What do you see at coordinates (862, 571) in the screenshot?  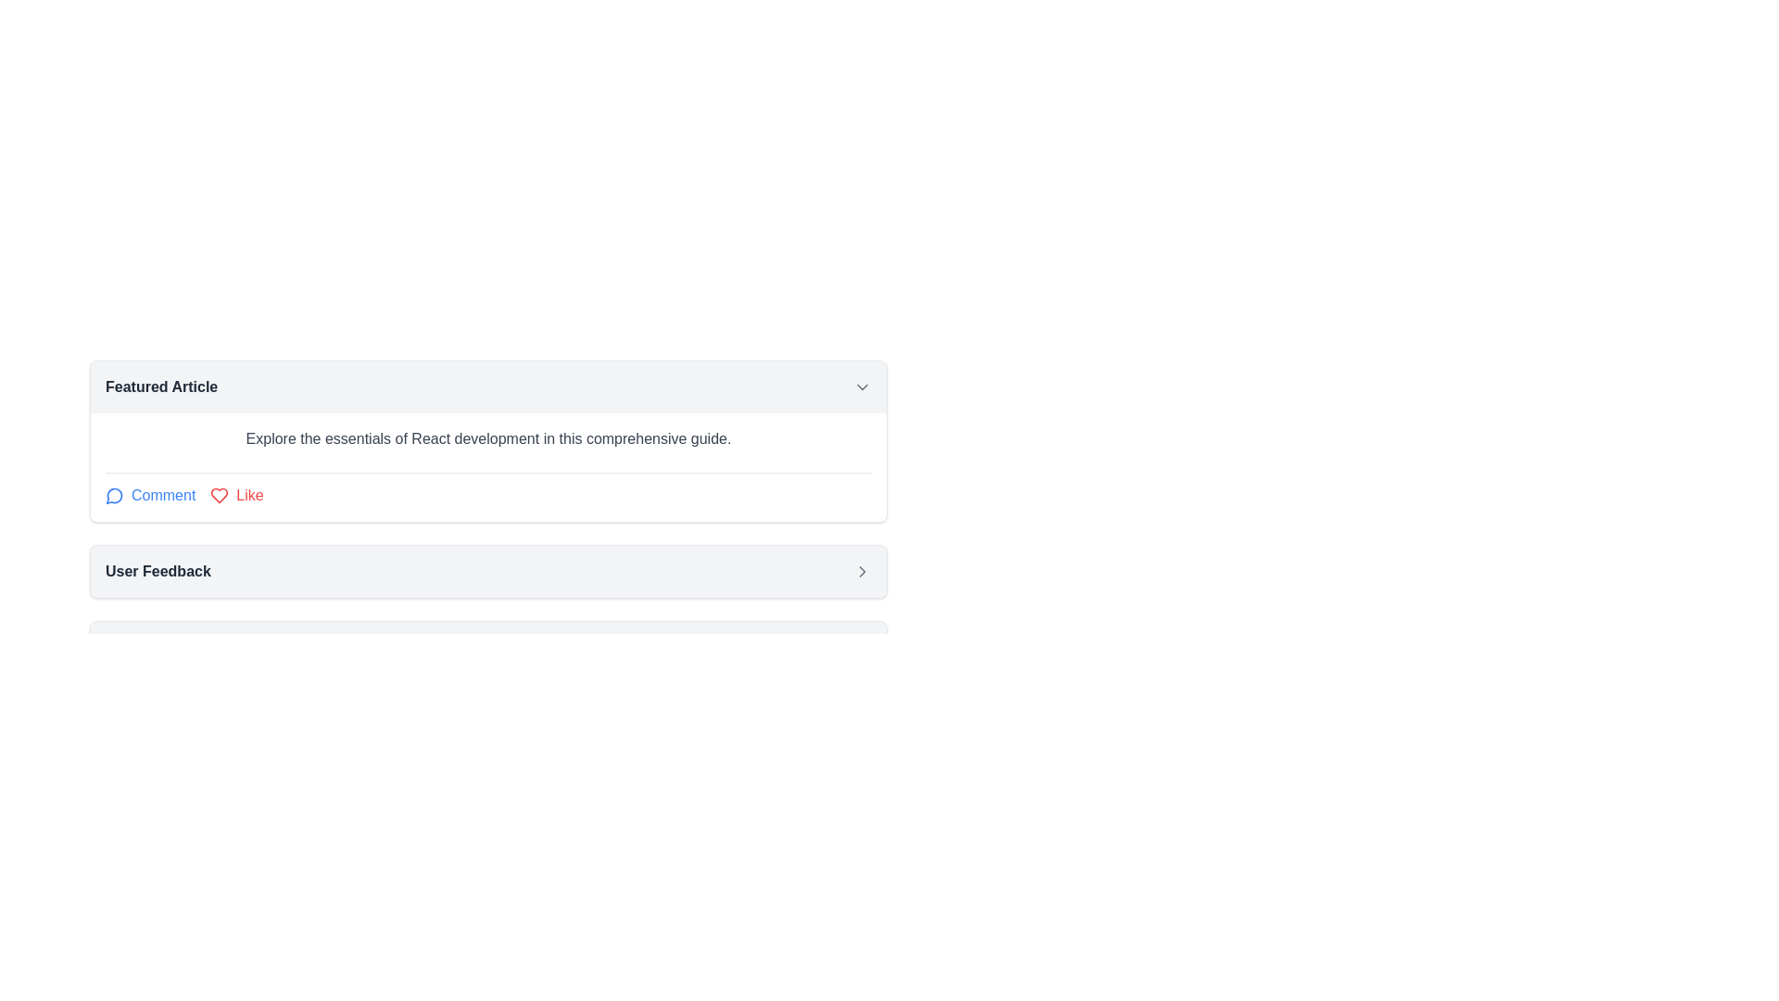 I see `the chevron icon located at the far right of the 'User Feedback' interactive banner` at bounding box center [862, 571].